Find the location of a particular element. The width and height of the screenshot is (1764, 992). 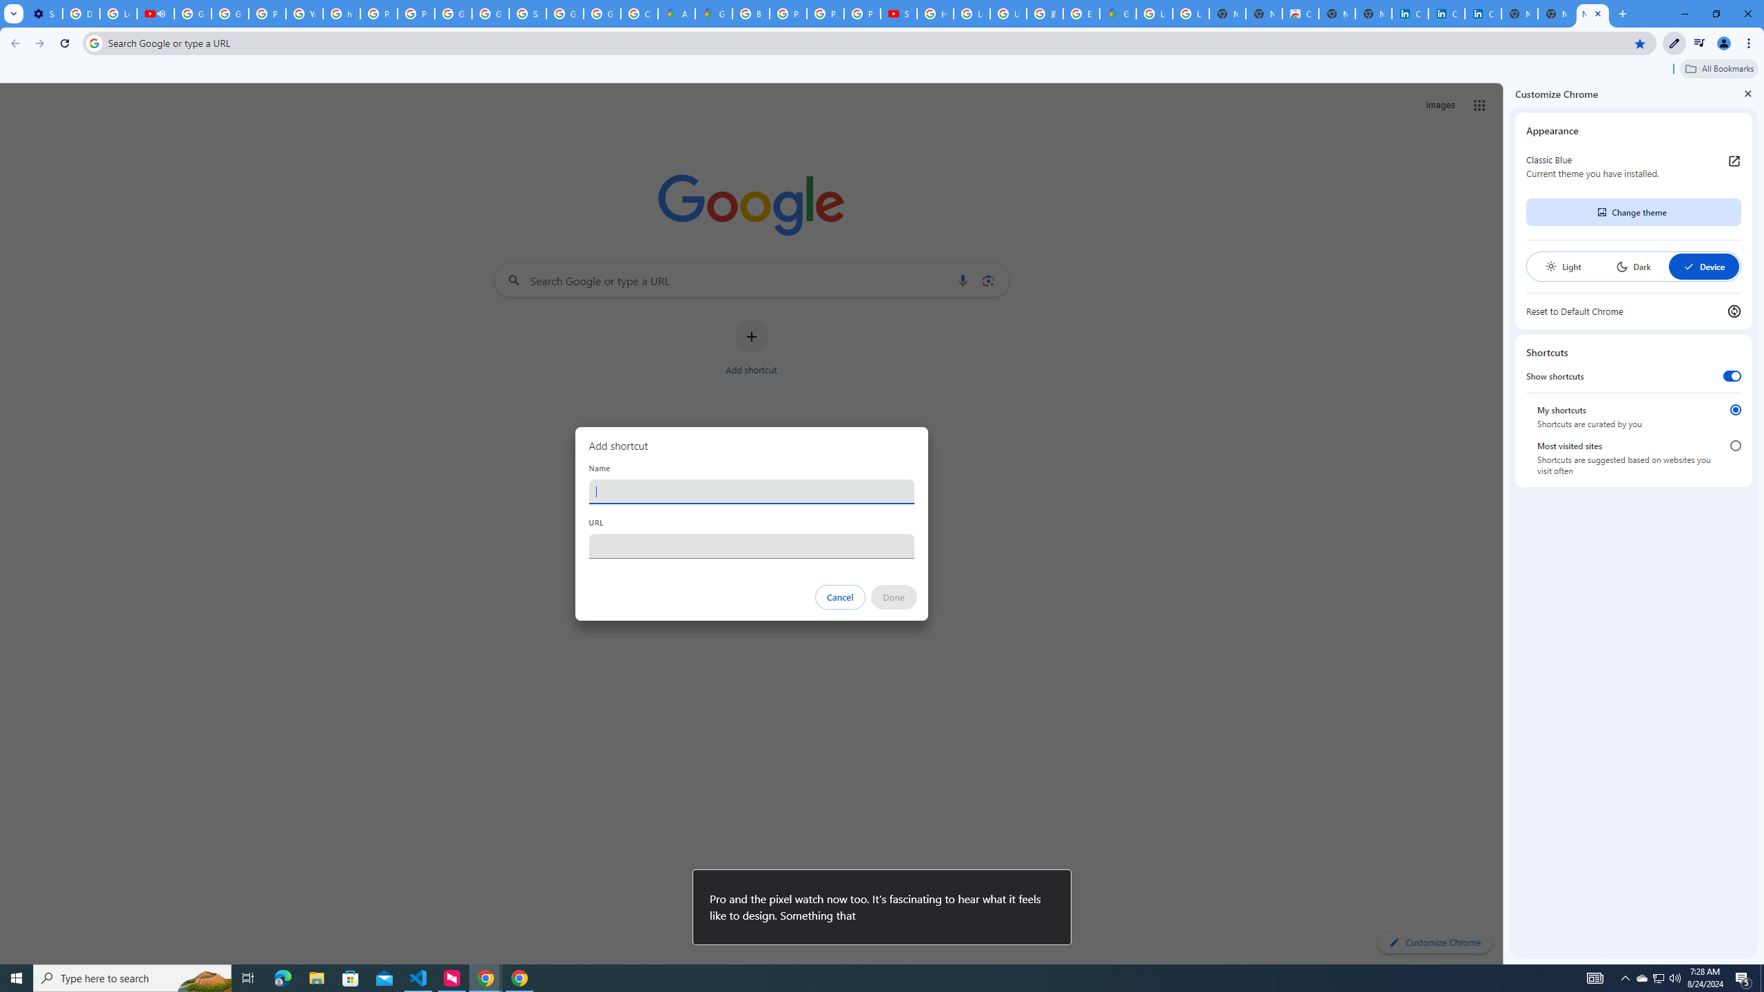

'Copyright Policy' is located at coordinates (1483, 13).